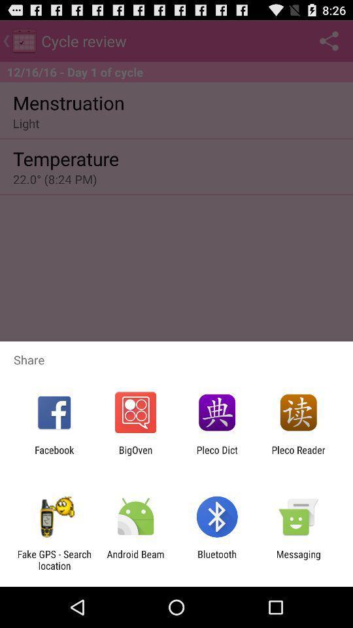 This screenshot has height=628, width=353. What do you see at coordinates (135, 559) in the screenshot?
I see `item to the left of bluetooth item` at bounding box center [135, 559].